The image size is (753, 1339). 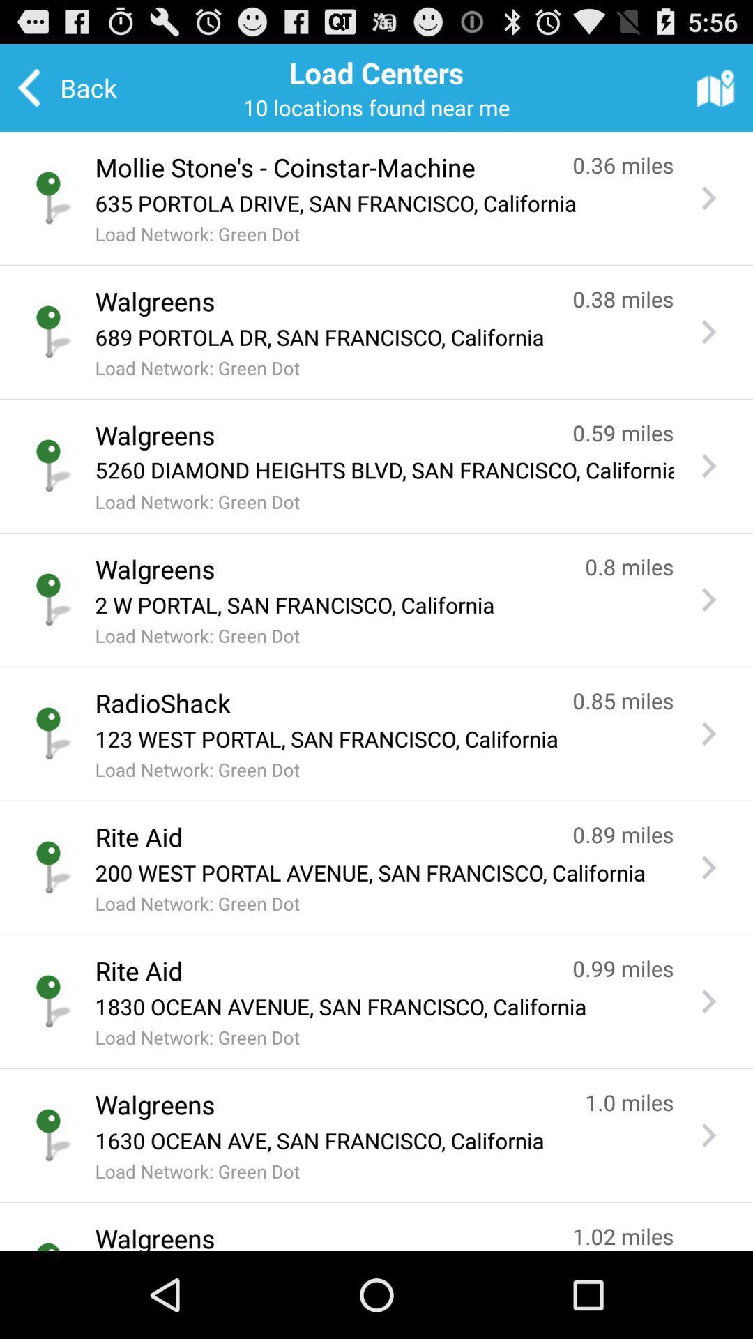 I want to click on app below the load network green item, so click(x=320, y=703).